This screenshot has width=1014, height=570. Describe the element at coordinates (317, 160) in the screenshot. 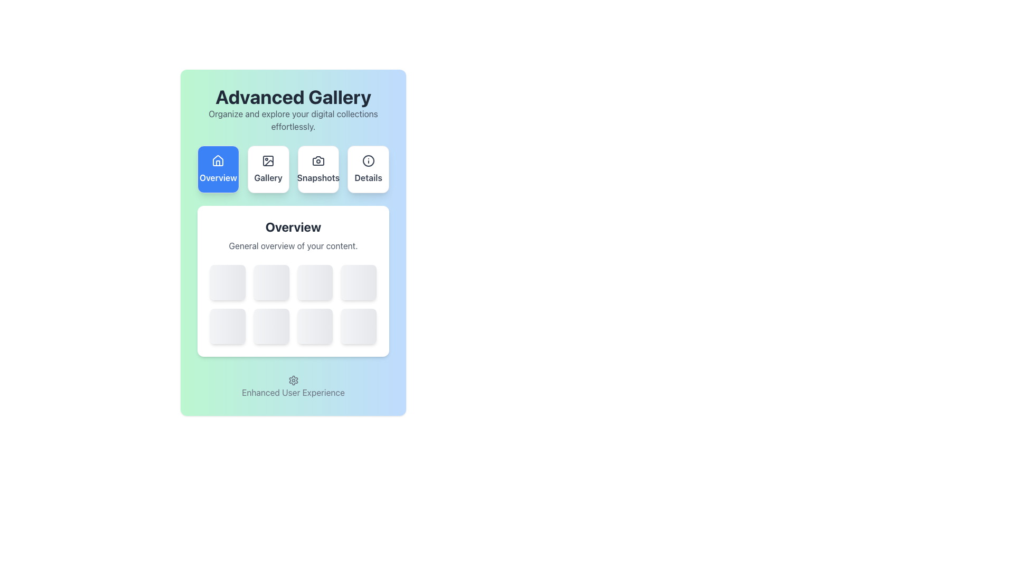

I see `the 'Snapshots' button containing the camera icon` at that location.